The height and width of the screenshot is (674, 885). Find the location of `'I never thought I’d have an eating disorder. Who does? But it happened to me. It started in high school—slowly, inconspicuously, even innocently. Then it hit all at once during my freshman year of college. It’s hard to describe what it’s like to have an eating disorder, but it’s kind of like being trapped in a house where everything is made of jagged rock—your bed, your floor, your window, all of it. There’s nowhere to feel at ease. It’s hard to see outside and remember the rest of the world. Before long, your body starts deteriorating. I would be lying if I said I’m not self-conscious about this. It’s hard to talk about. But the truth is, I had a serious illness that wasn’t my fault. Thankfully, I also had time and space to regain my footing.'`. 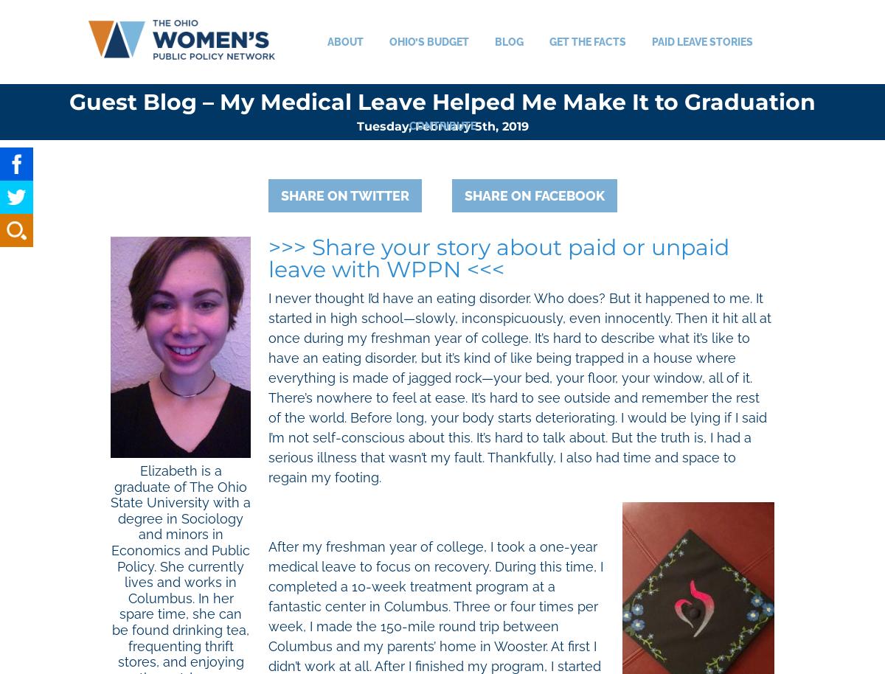

'I never thought I’d have an eating disorder. Who does? But it happened to me. It started in high school—slowly, inconspicuously, even innocently. Then it hit all at once during my freshman year of college. It’s hard to describe what it’s like to have an eating disorder, but it’s kind of like being trapped in a house where everything is made of jagged rock—your bed, your floor, your window, all of it. There’s nowhere to feel at ease. It’s hard to see outside and remember the rest of the world. Before long, your body starts deteriorating. I would be lying if I said I’m not self-conscious about this. It’s hard to talk about. But the truth is, I had a serious illness that wasn’t my fault. Thankfully, I also had time and space to regain my footing.' is located at coordinates (520, 387).